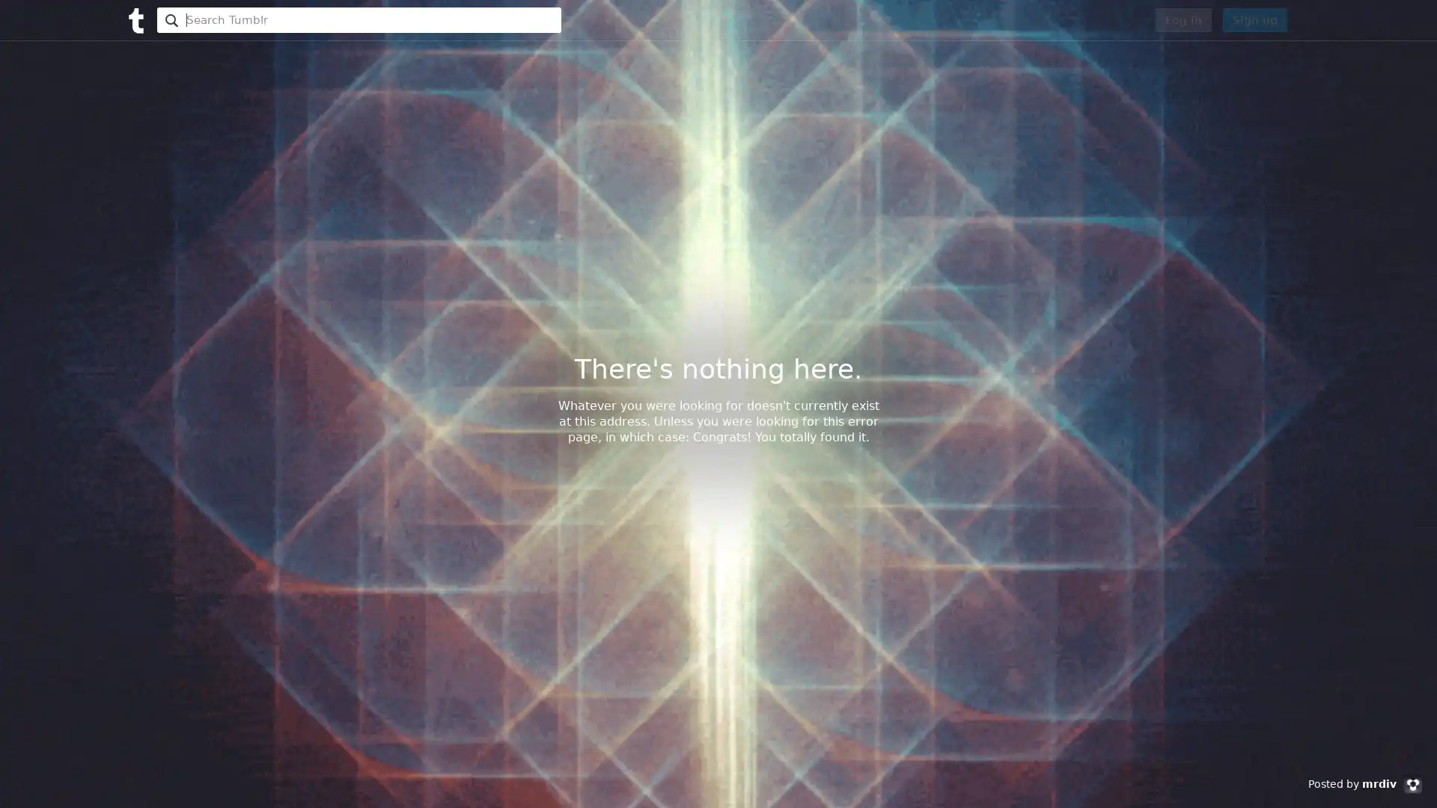 This screenshot has width=1437, height=808. What do you see at coordinates (169, 20) in the screenshot?
I see `Search` at bounding box center [169, 20].